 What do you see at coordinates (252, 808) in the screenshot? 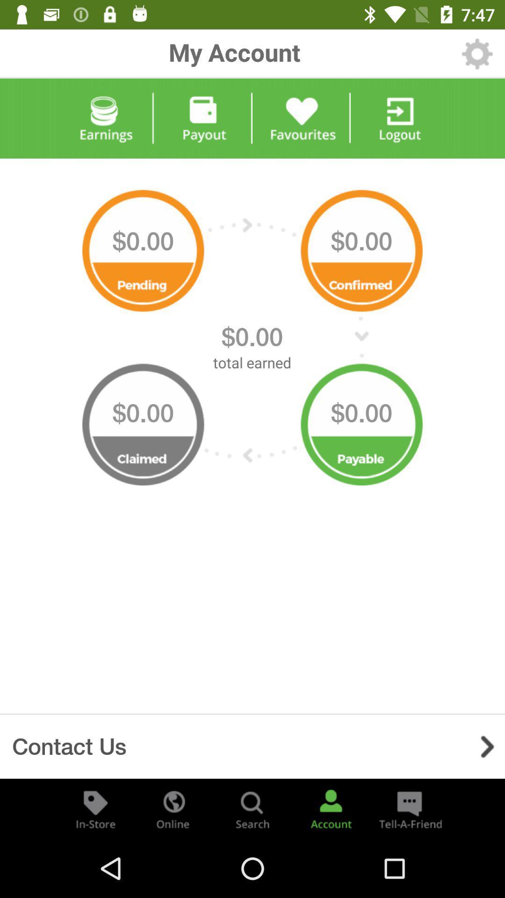
I see `look for something` at bounding box center [252, 808].